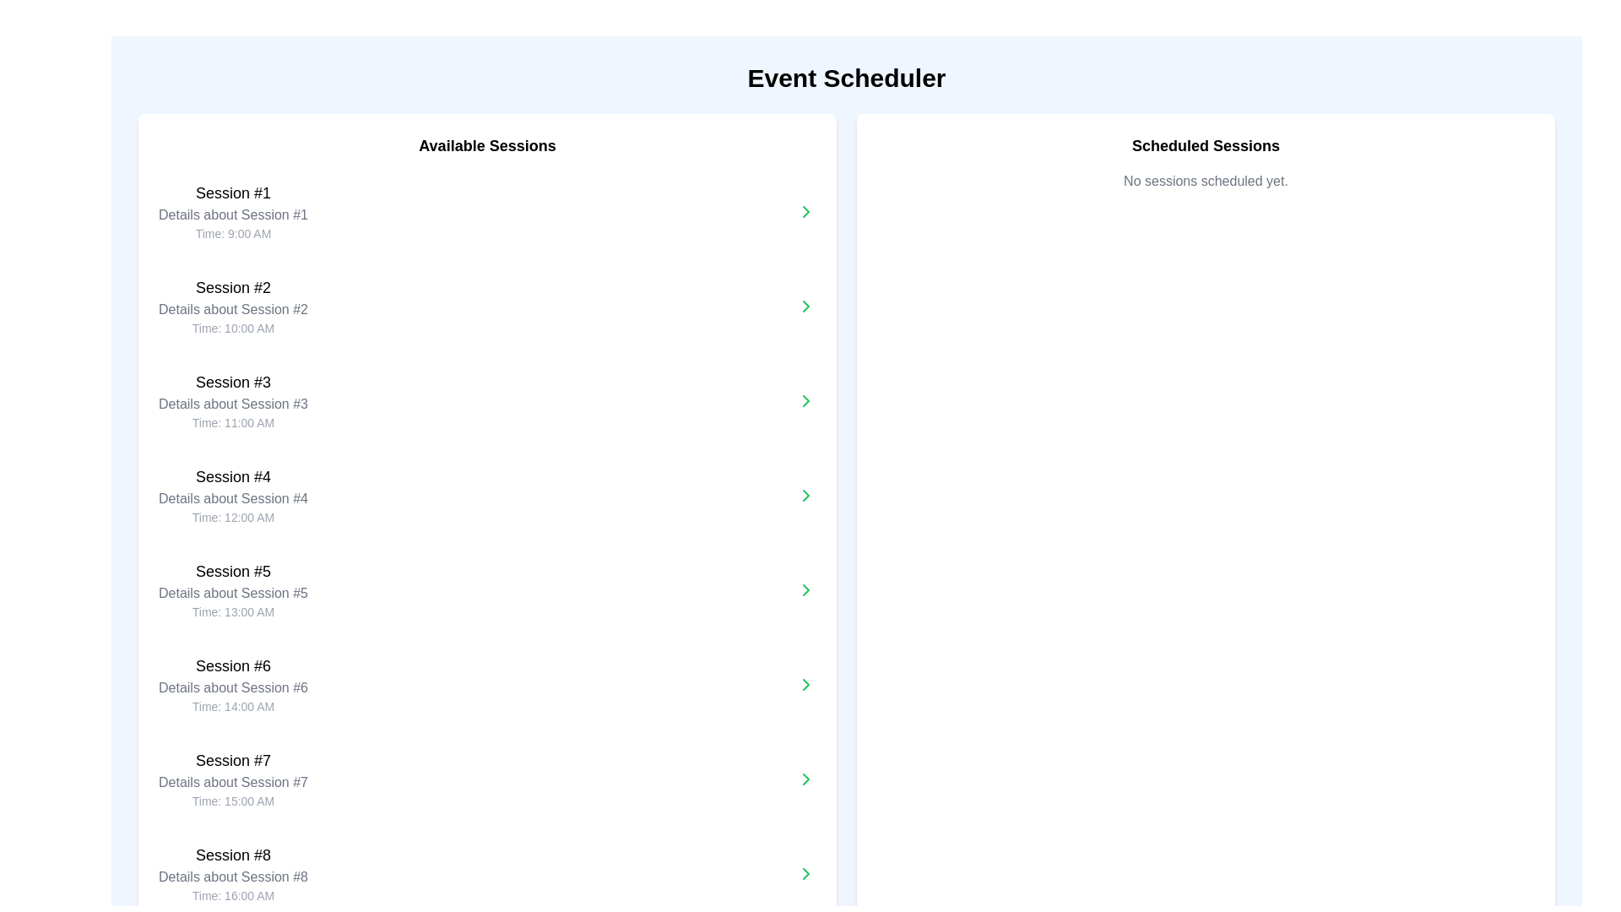 This screenshot has height=912, width=1621. I want to click on the icon-based button that navigates to more details about 'Session #5', located on the right side of the list item in the 'Available Sessions' section, so click(805, 589).